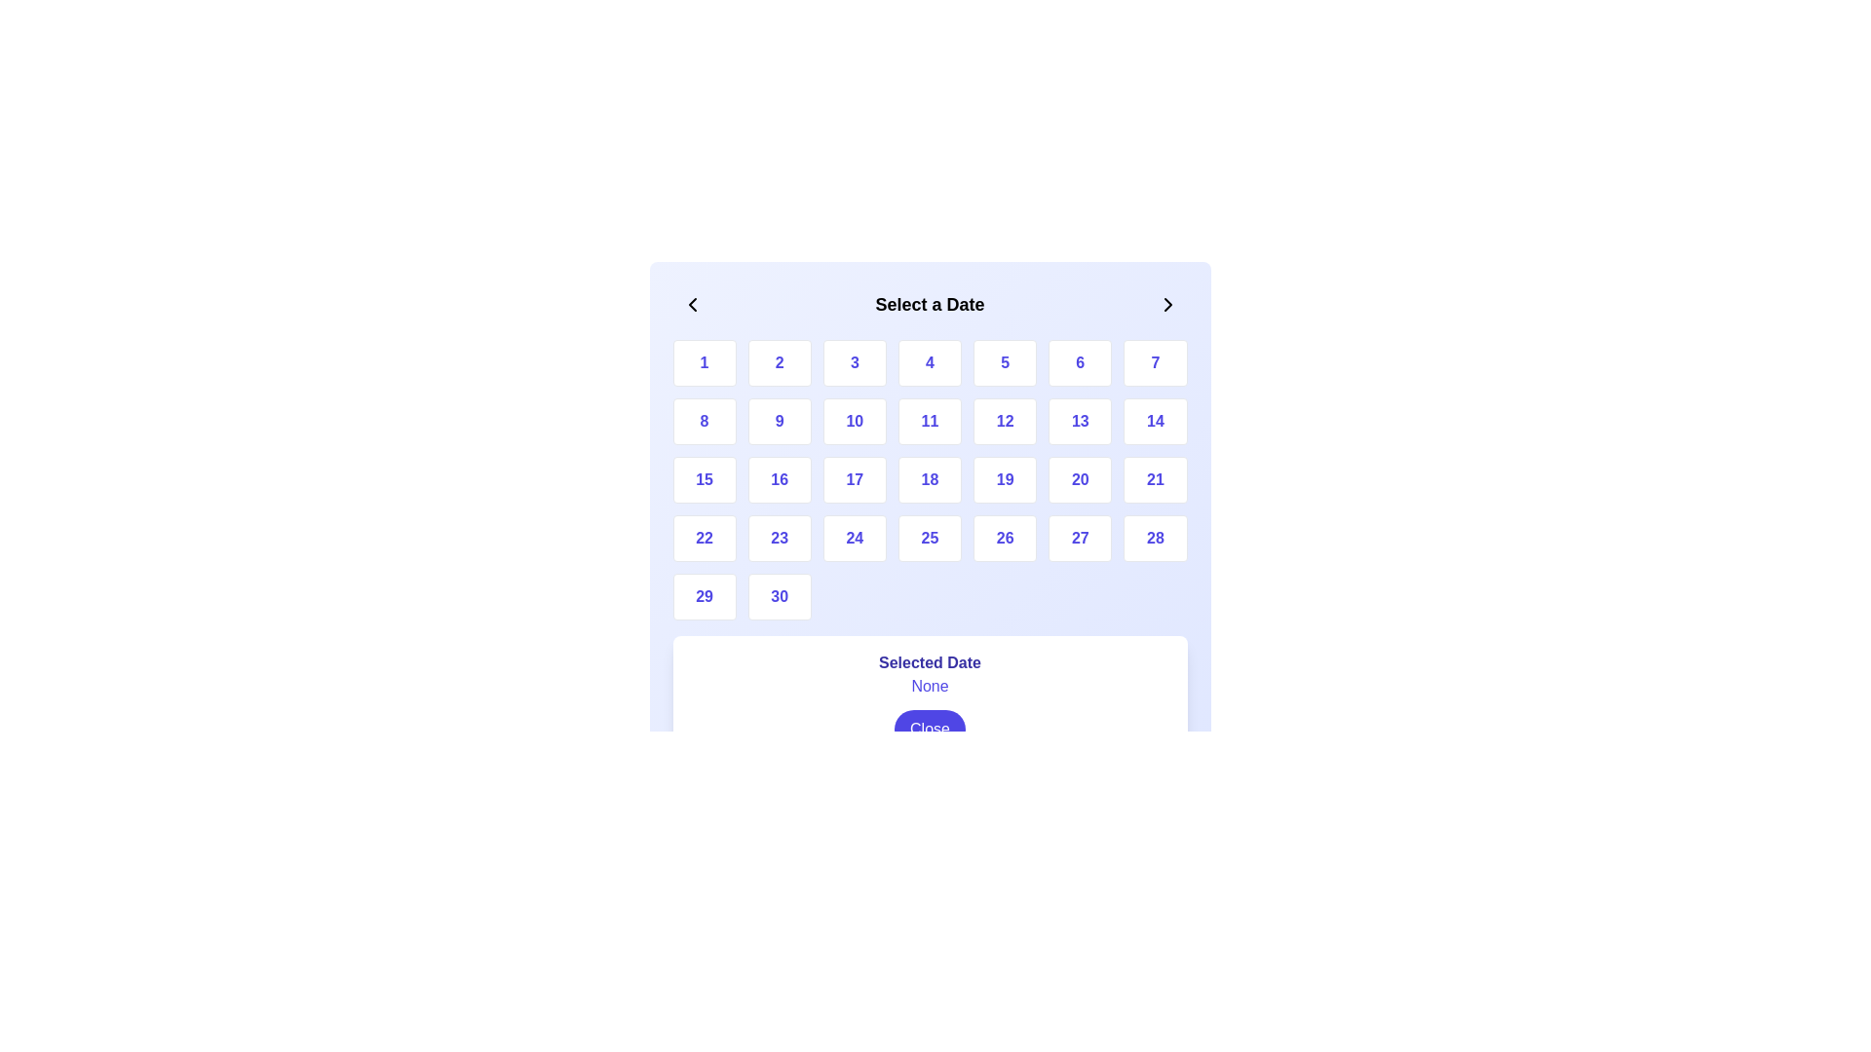 The height and width of the screenshot is (1052, 1871). Describe the element at coordinates (929, 363) in the screenshot. I see `the date selection button for the date '4' located in the first row and fourth column of the grid in the date picker interface` at that location.